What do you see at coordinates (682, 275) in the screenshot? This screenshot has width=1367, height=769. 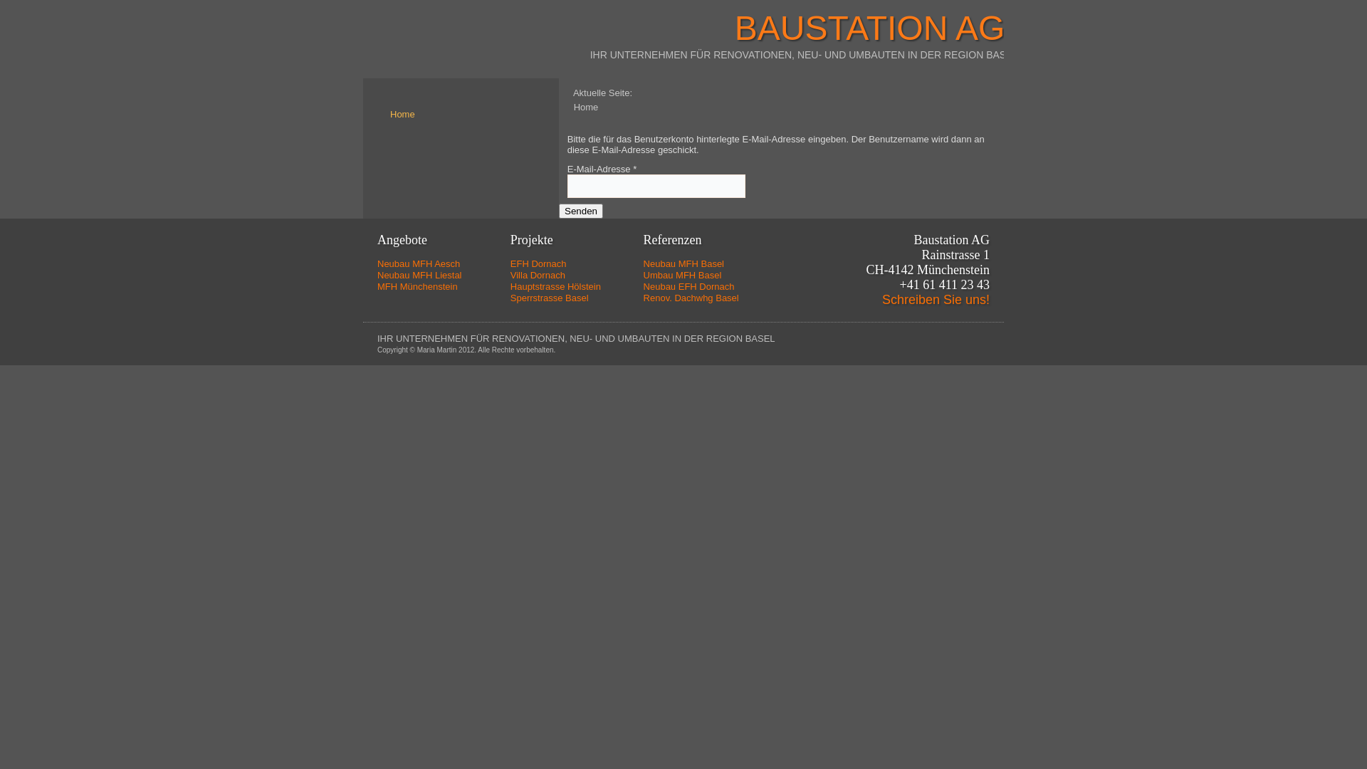 I see `'Umbau MFH Basel'` at bounding box center [682, 275].